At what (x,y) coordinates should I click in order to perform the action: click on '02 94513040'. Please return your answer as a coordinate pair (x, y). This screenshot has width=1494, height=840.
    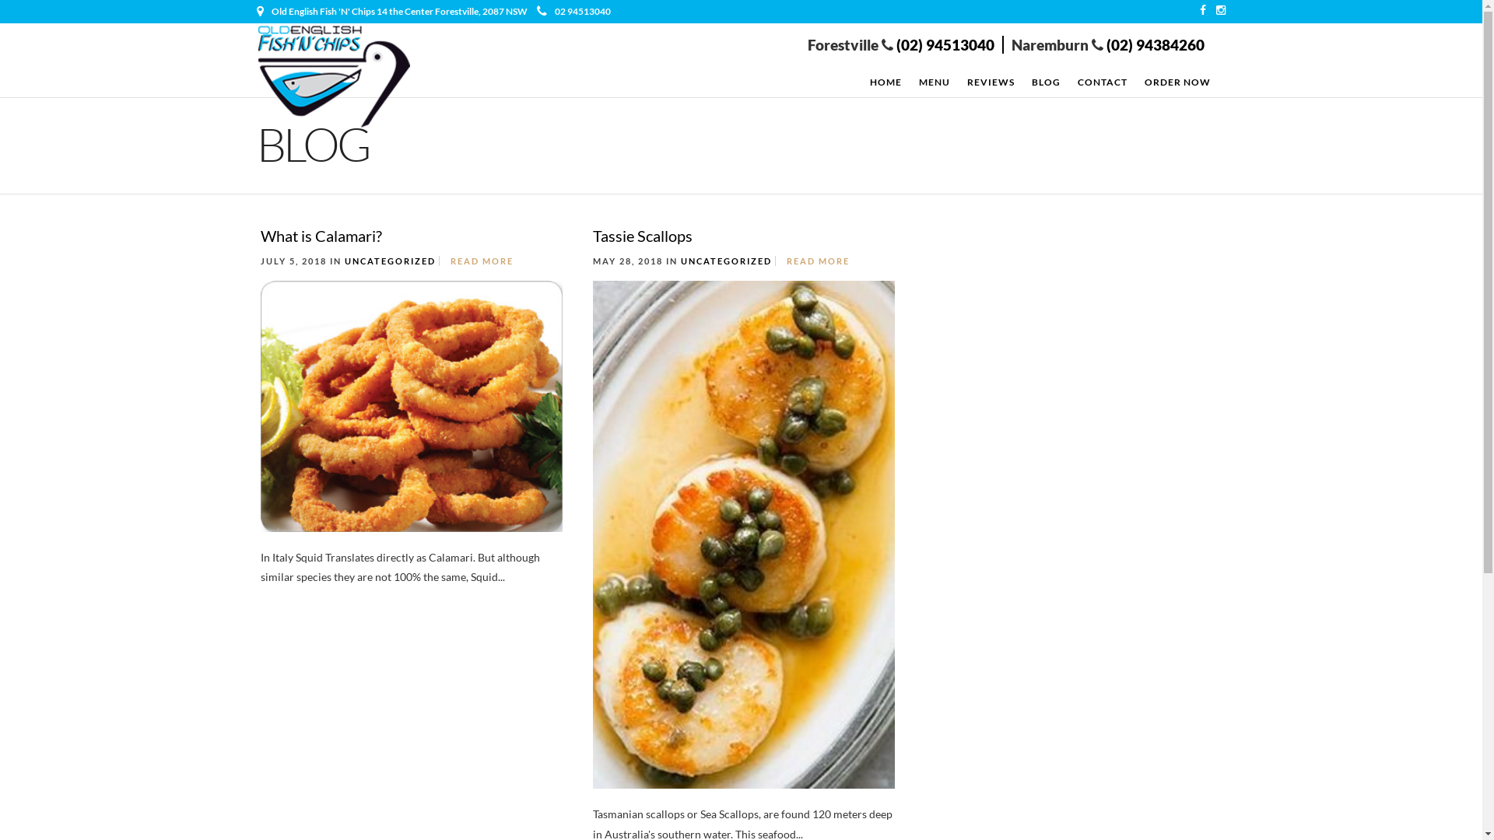
    Looking at the image, I should click on (573, 11).